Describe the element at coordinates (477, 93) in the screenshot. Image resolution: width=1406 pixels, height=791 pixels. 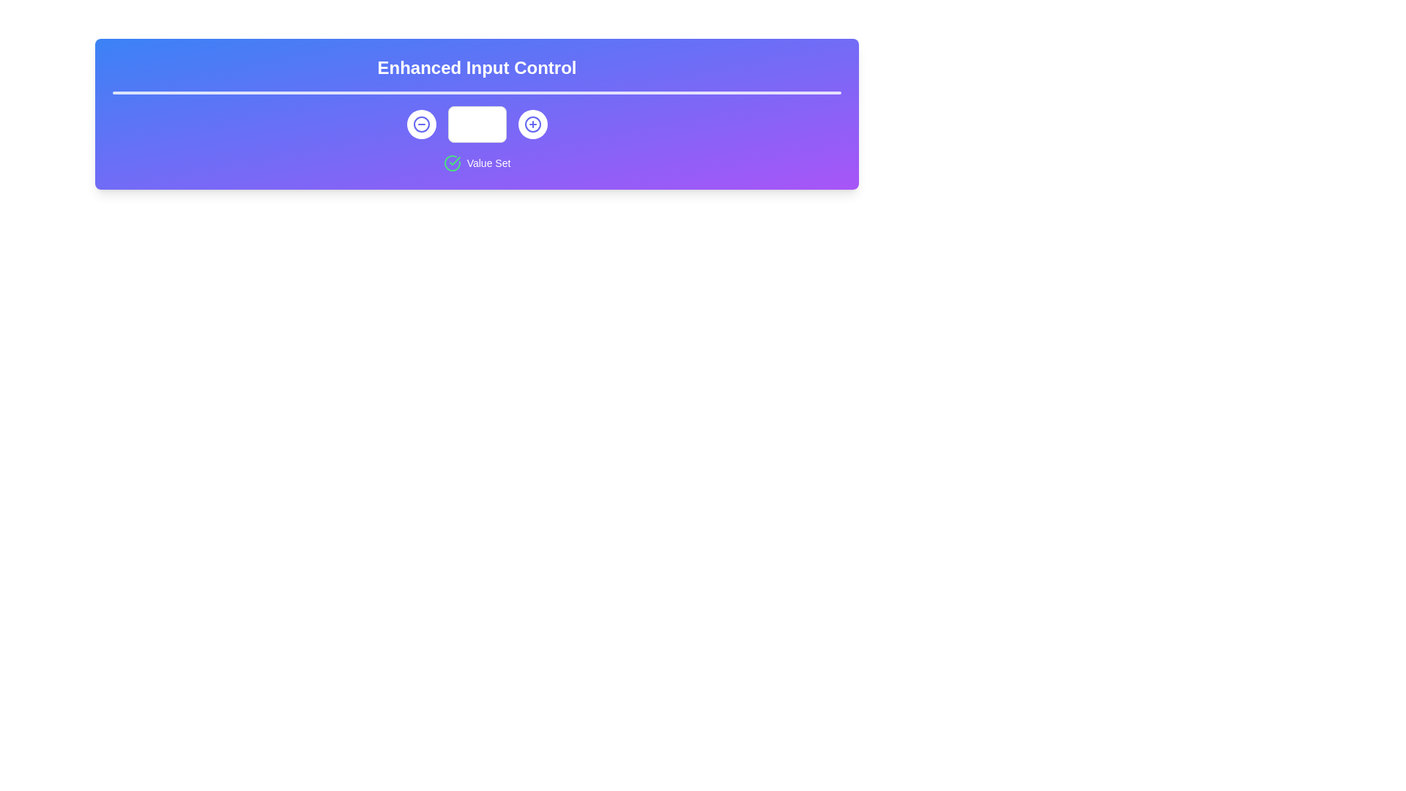
I see `the Visual Divider located directly underneath the title text 'Enhanced Input Control', serving as a decorative separator between the title and the controls below` at that location.